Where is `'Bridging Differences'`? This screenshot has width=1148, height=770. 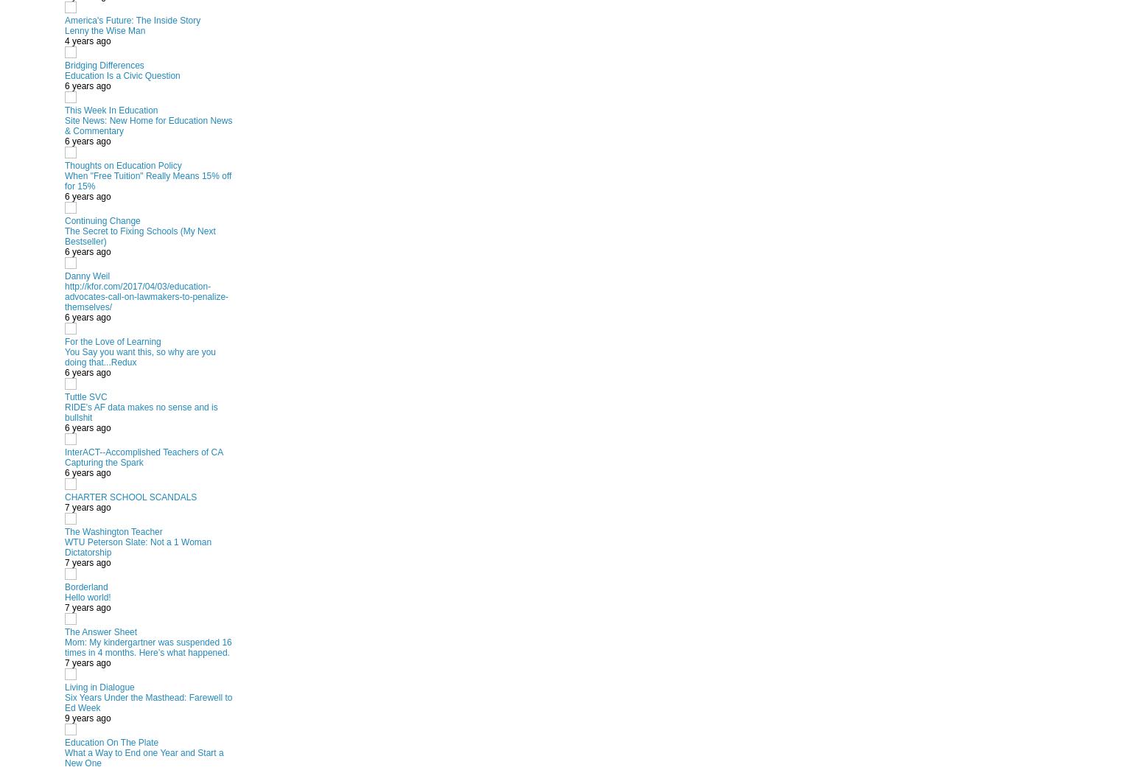
'Bridging Differences' is located at coordinates (103, 64).